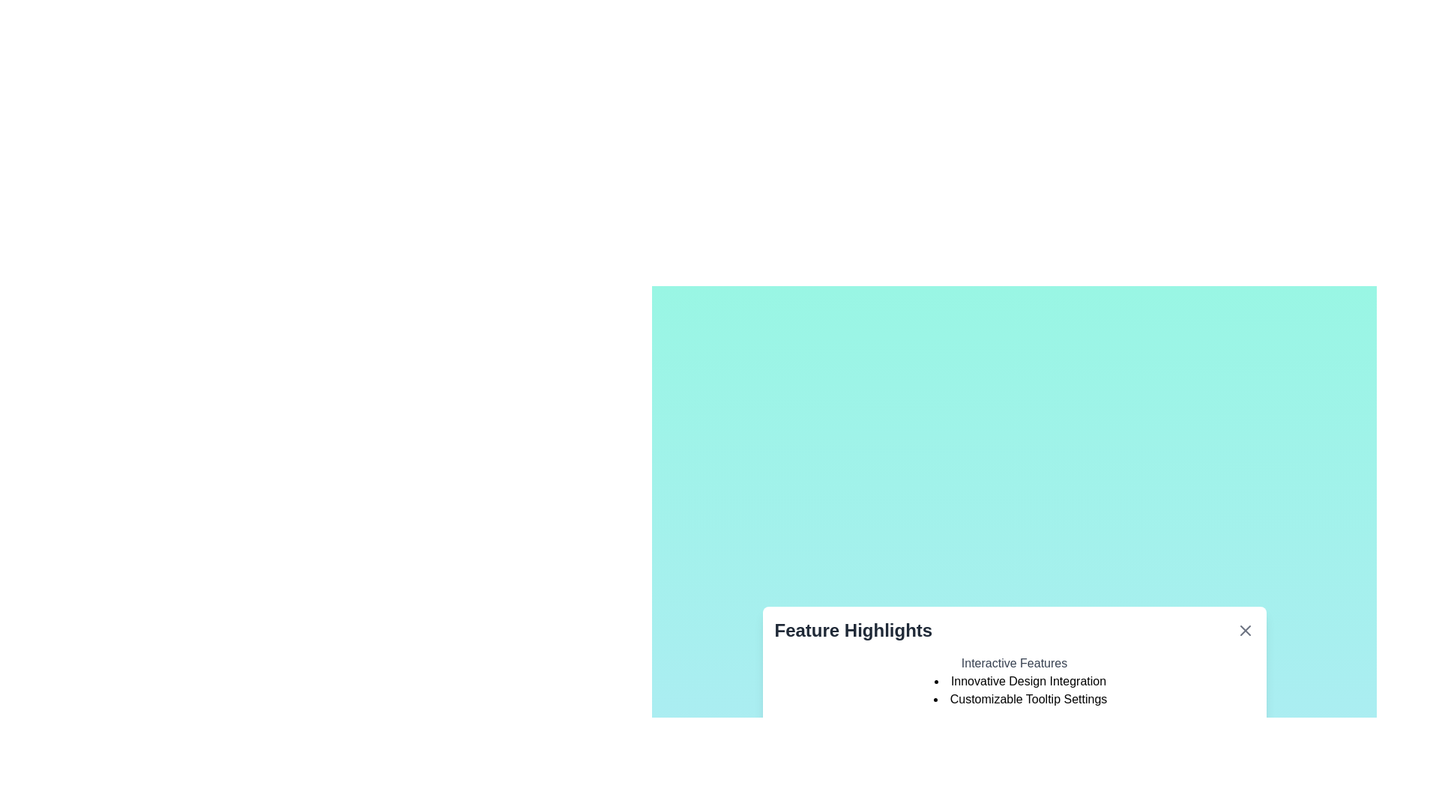 The width and height of the screenshot is (1439, 809). Describe the element at coordinates (986, 745) in the screenshot. I see `the SVG Circle element, which is a circular vector shape with a border stroke and no fill, located at the bottom center of the layout beneath the 'Feature Highlights' section` at that location.